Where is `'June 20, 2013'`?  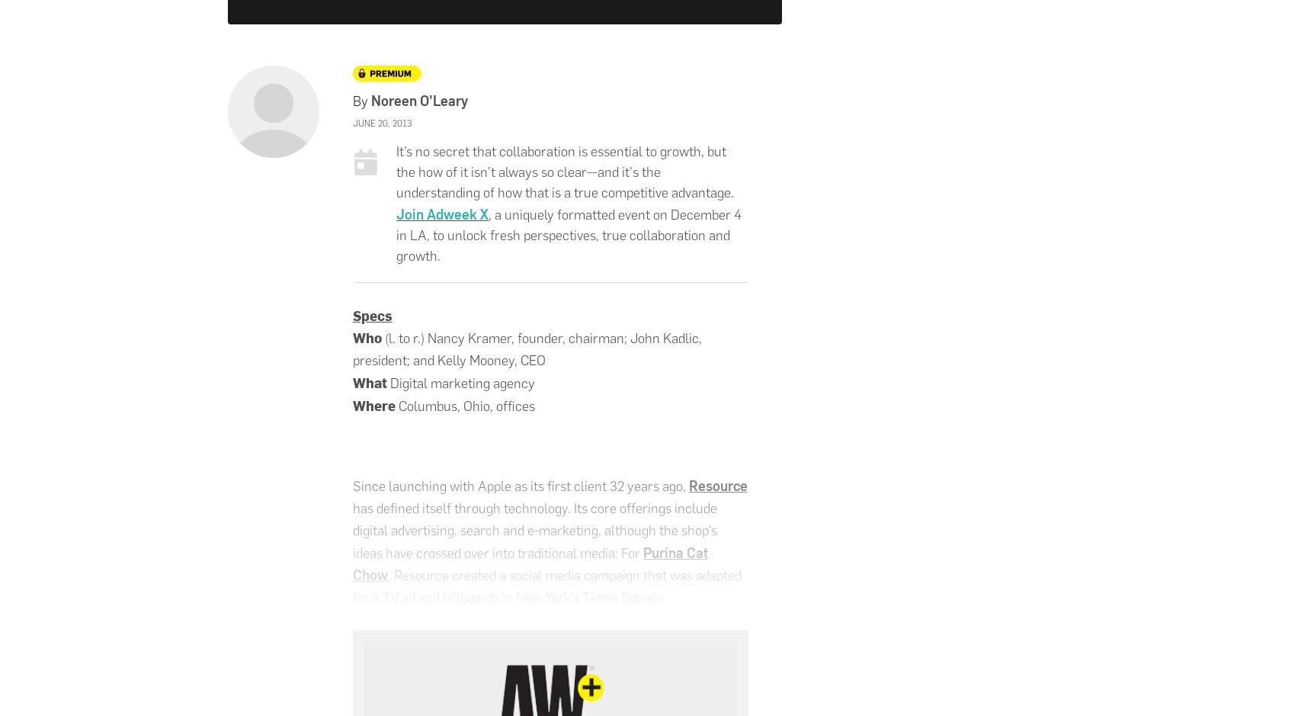
'June 20, 2013' is located at coordinates (381, 123).